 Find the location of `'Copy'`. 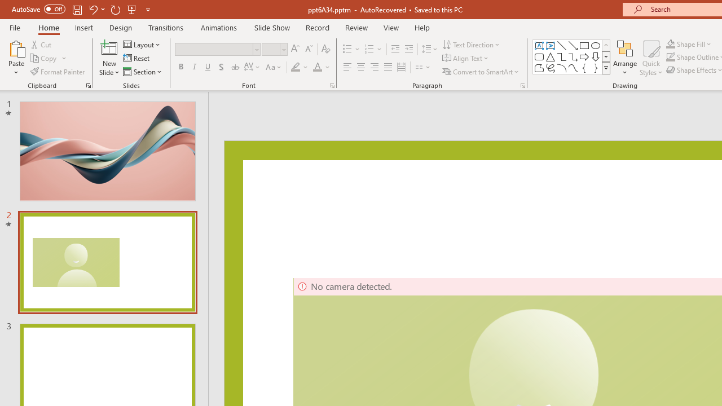

'Copy' is located at coordinates (44, 58).